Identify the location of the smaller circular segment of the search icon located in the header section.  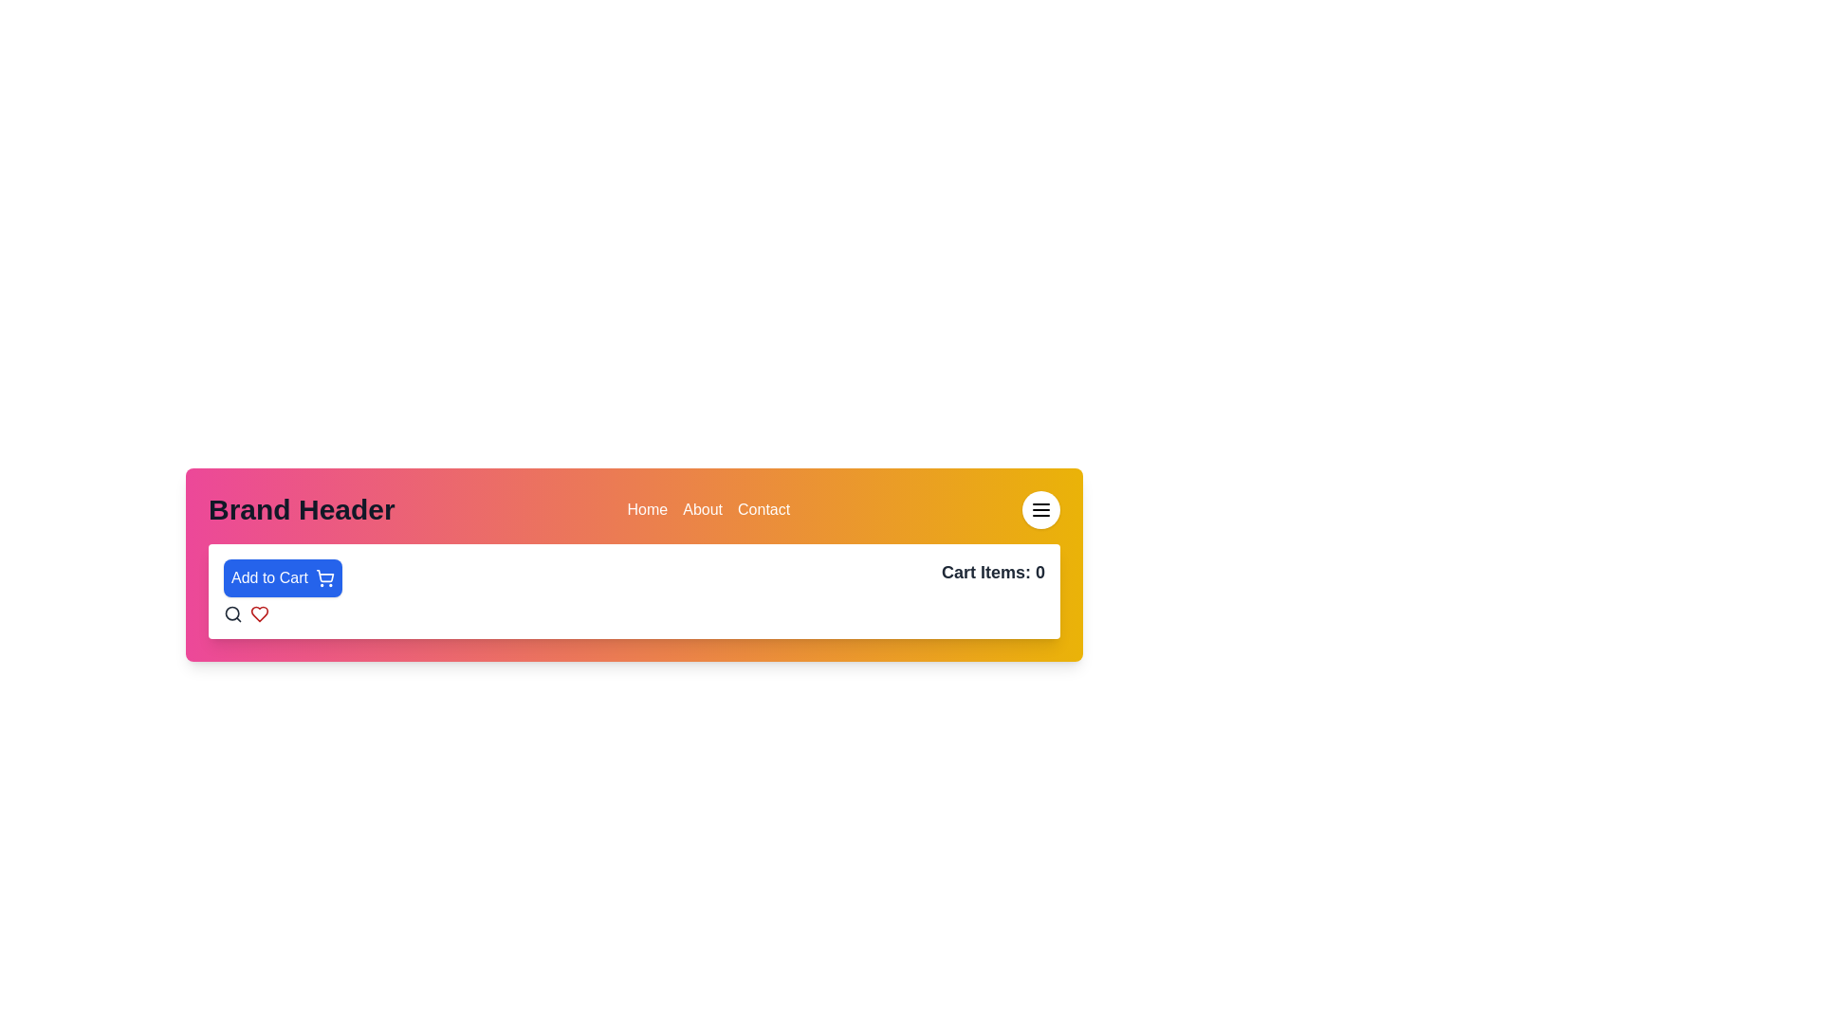
(231, 613).